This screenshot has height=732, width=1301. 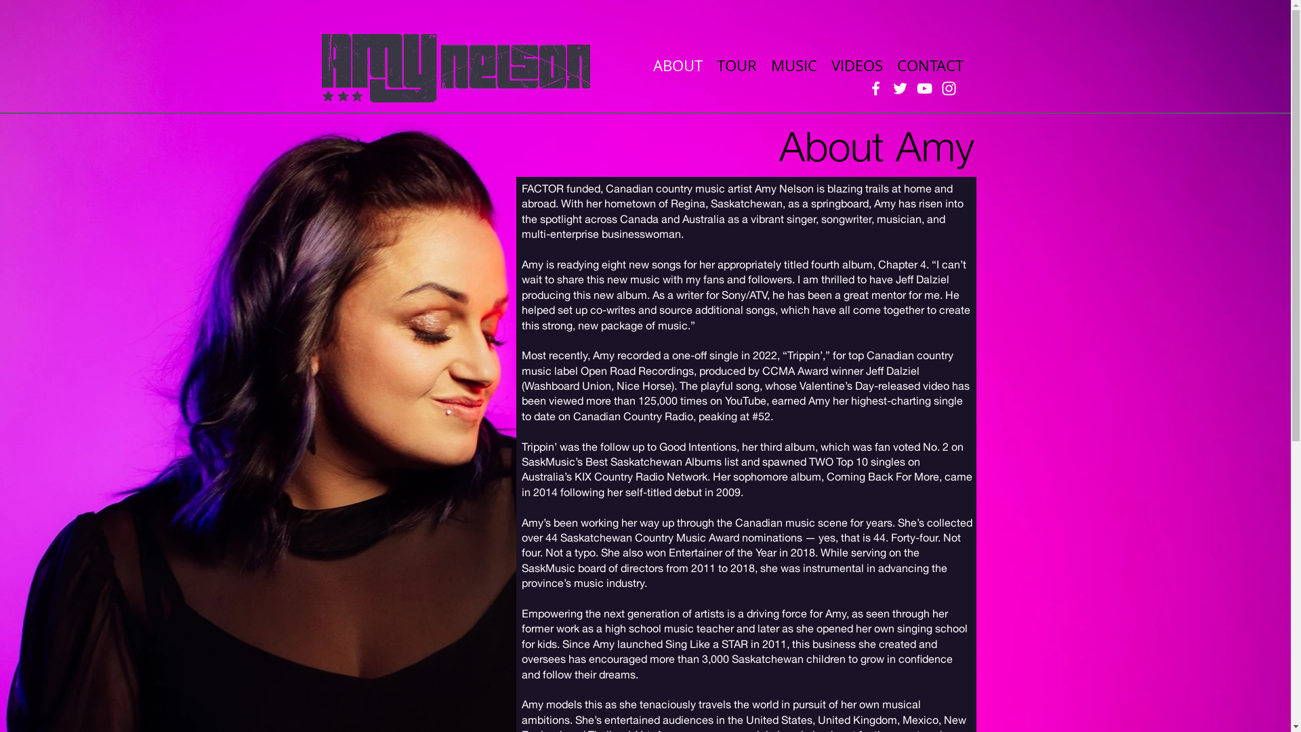 What do you see at coordinates (736, 64) in the screenshot?
I see `'TOUR'` at bounding box center [736, 64].